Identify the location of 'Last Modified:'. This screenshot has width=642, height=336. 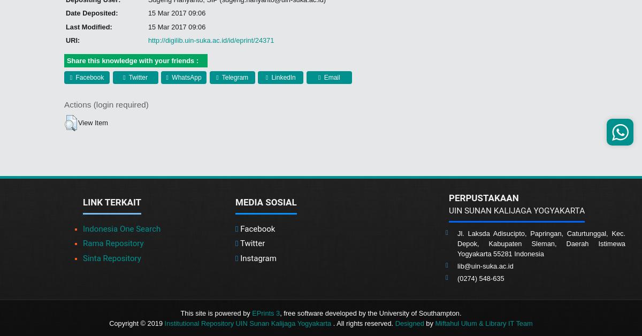
(88, 26).